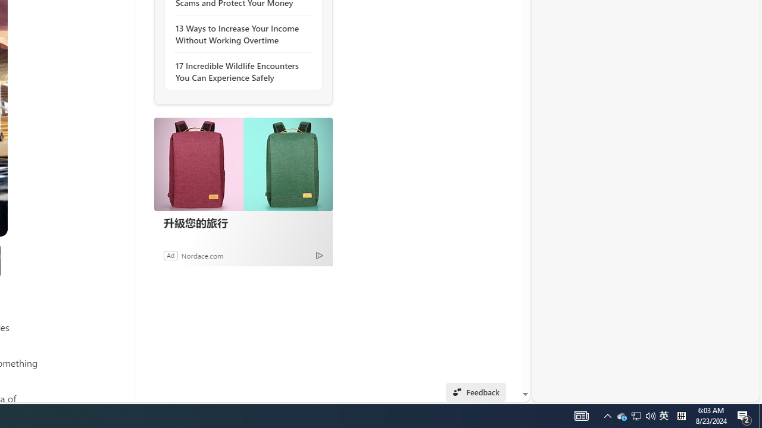  What do you see at coordinates (239, 33) in the screenshot?
I see `'13 Ways to Increase Your Income Without Working Overtime'` at bounding box center [239, 33].